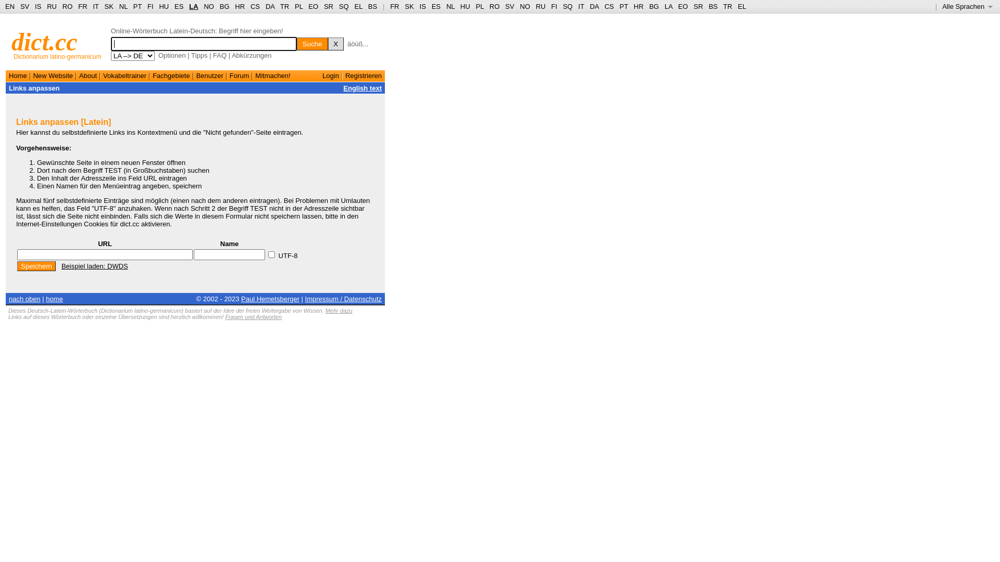  What do you see at coordinates (208, 6) in the screenshot?
I see `'NO'` at bounding box center [208, 6].